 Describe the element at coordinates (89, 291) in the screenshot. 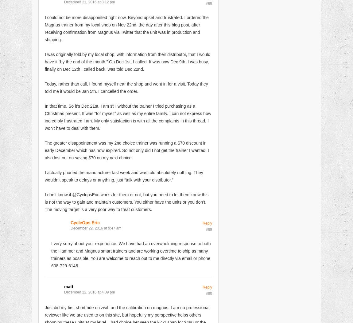

I see `'December 22, 2016 at 4:09 pm'` at that location.